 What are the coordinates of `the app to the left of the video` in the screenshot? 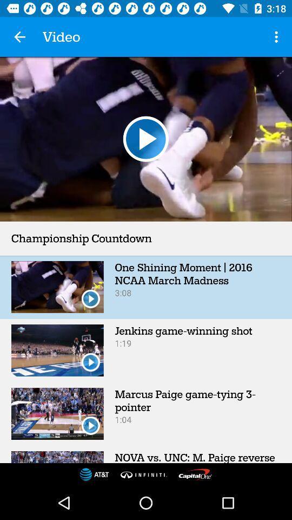 It's located at (19, 37).